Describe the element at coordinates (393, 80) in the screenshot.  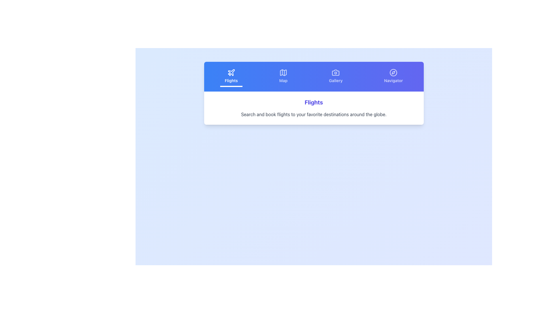
I see `the 'Navigator' text label located in the navigation menu at the top of the interface` at that location.